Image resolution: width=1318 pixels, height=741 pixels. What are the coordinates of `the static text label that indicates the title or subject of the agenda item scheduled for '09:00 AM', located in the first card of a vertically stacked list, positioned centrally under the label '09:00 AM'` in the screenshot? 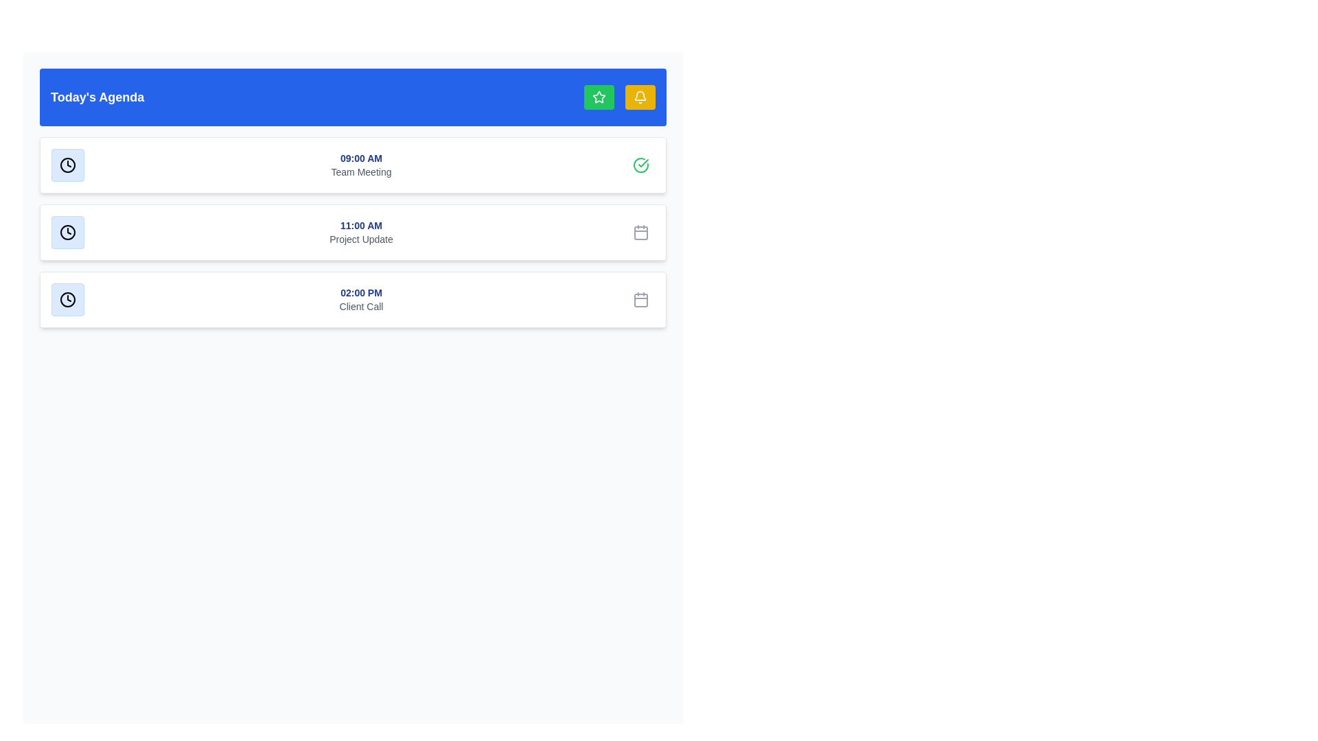 It's located at (361, 171).